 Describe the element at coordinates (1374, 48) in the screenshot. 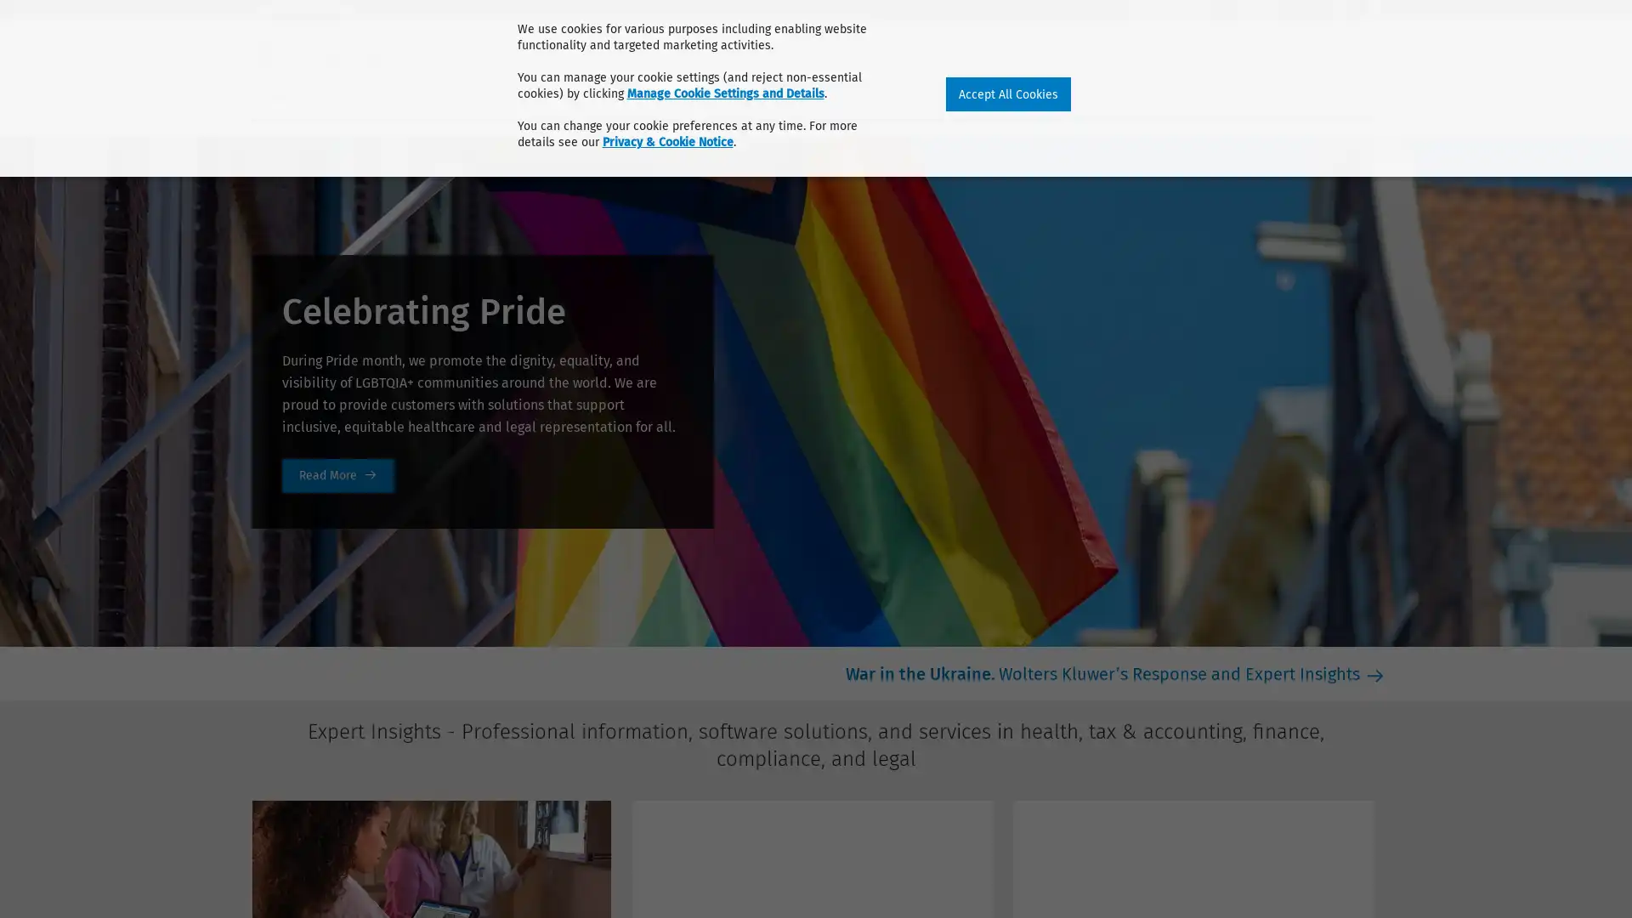

I see `Expand Search` at that location.